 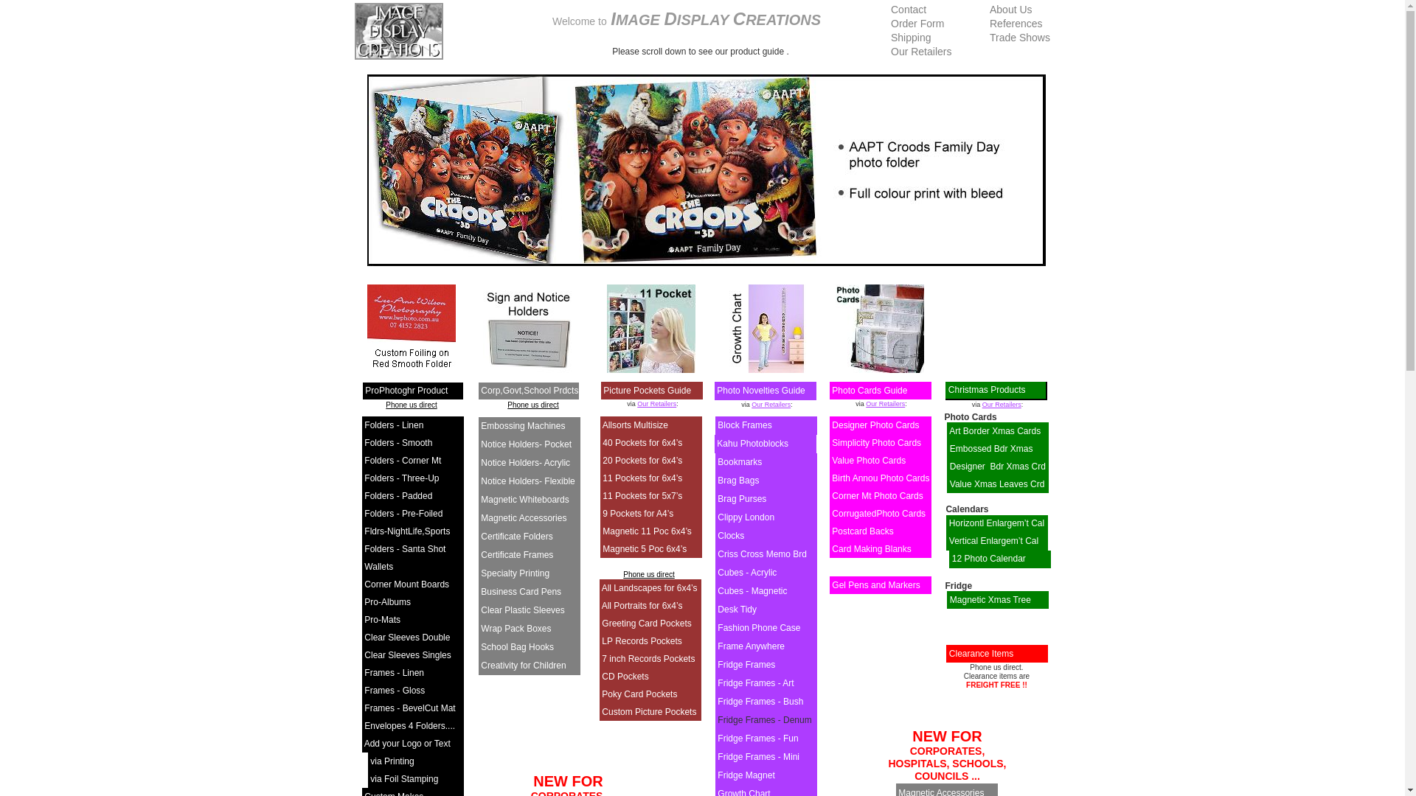 I want to click on 'Magnetic Xmas Tree', so click(x=990, y=599).